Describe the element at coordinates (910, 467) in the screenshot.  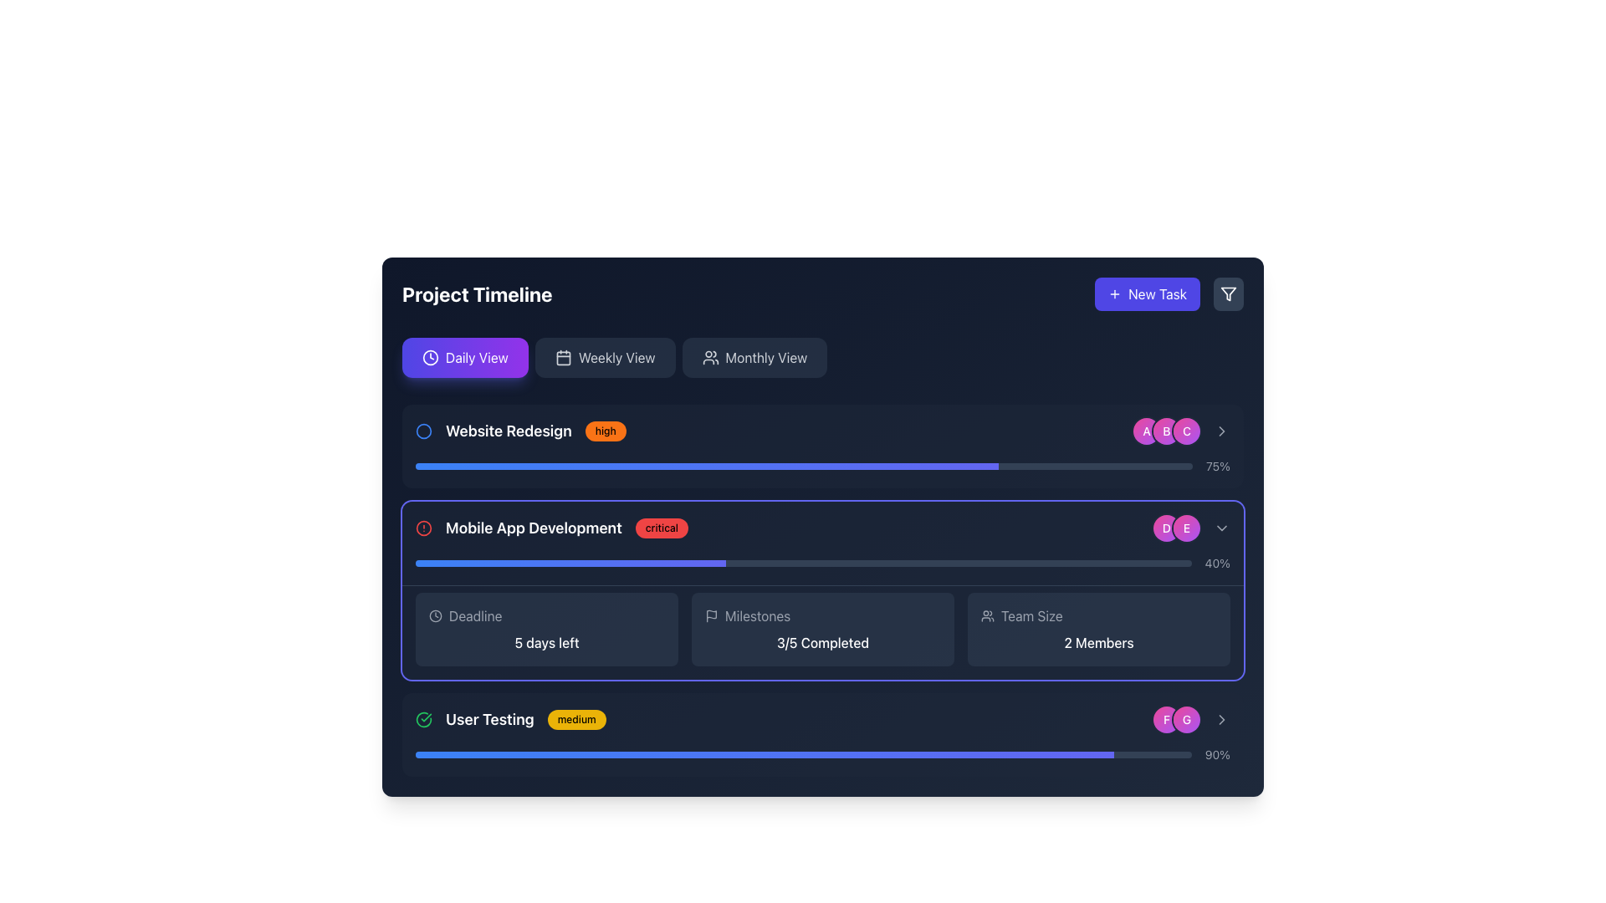
I see `progress` at that location.